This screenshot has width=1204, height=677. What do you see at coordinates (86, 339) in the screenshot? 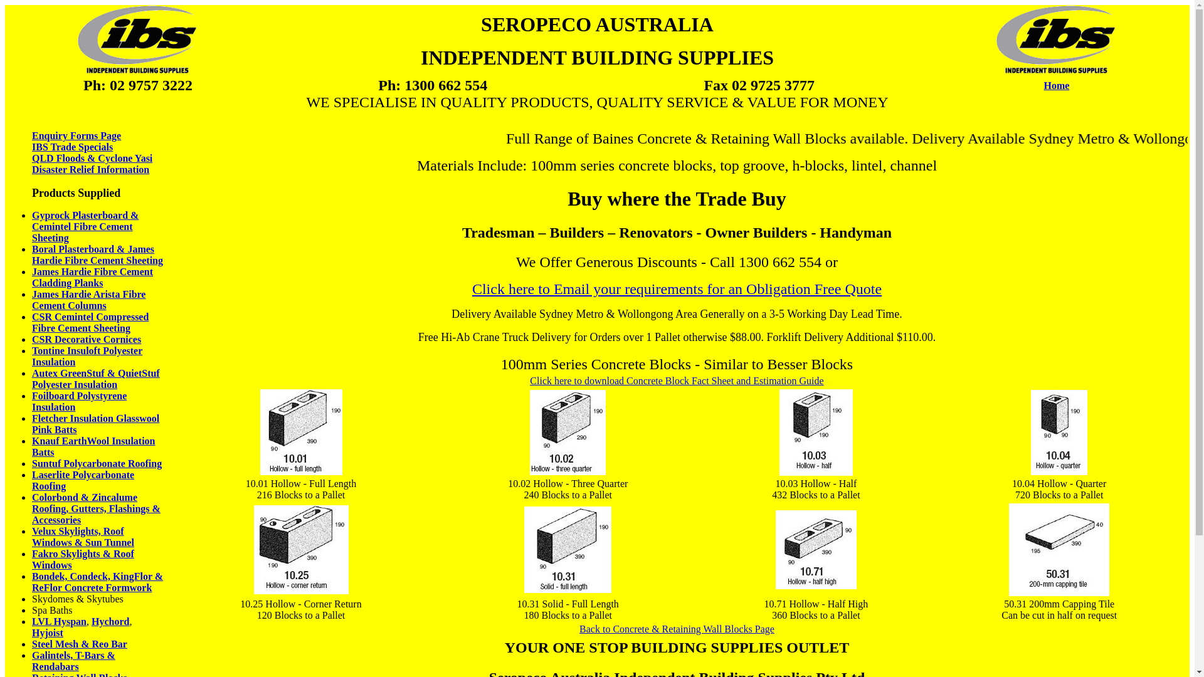
I see `'CSR Decorative Cornices'` at bounding box center [86, 339].